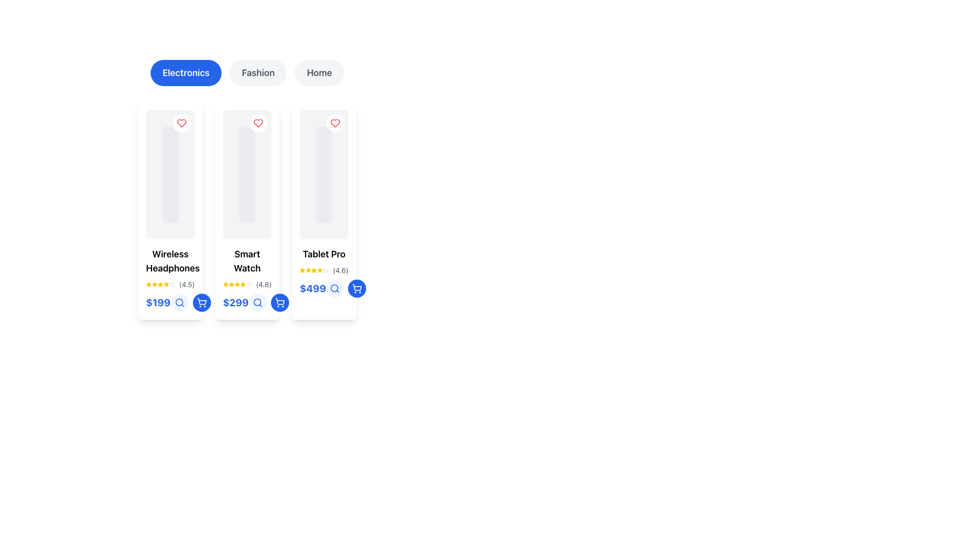  What do you see at coordinates (314, 269) in the screenshot?
I see `the rating icon located` at bounding box center [314, 269].